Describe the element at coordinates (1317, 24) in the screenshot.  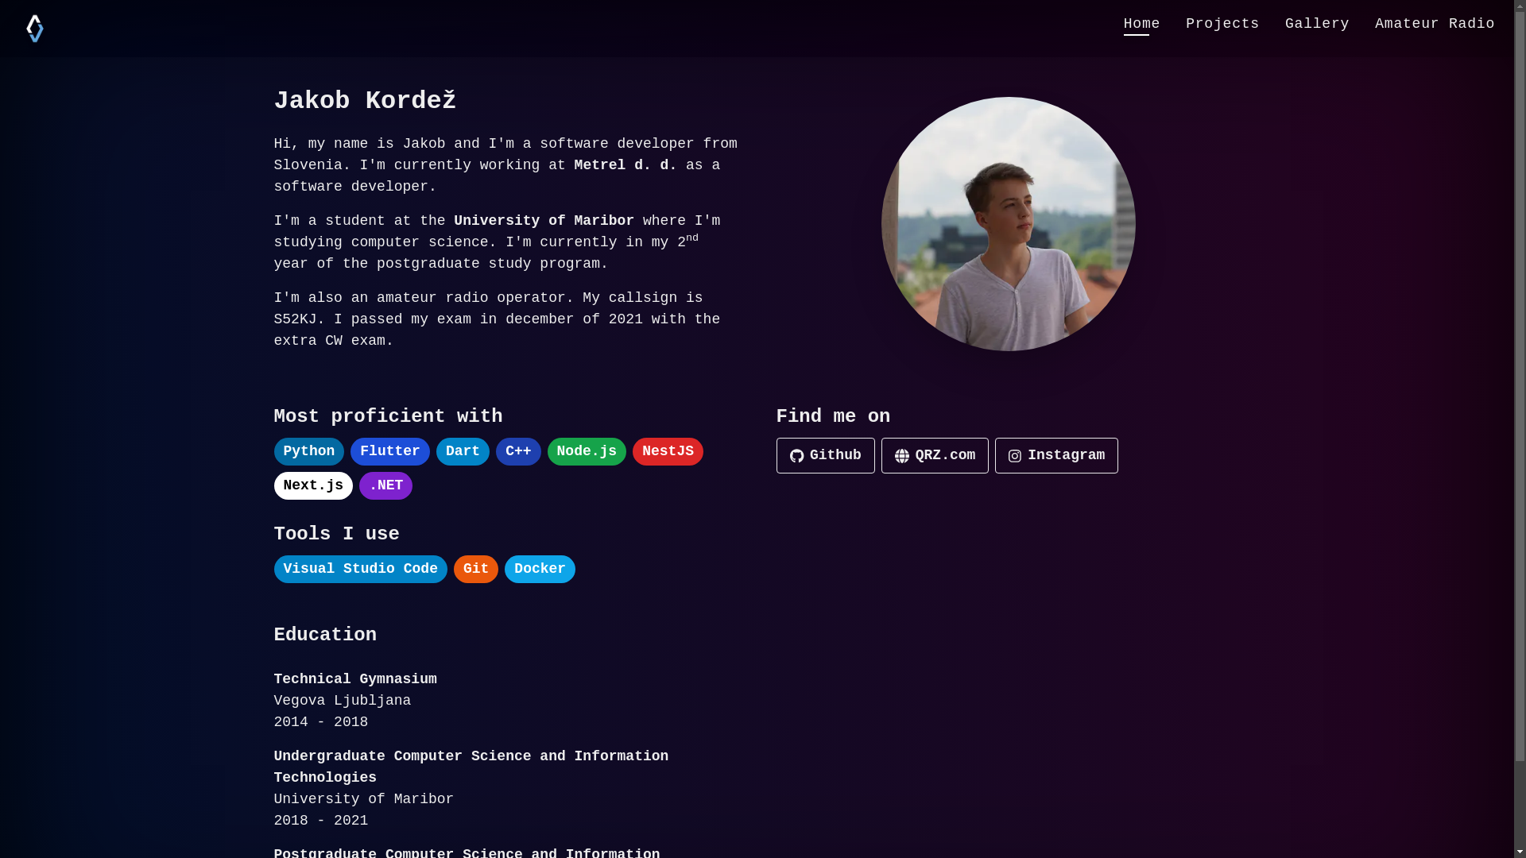
I see `'Gallery'` at that location.